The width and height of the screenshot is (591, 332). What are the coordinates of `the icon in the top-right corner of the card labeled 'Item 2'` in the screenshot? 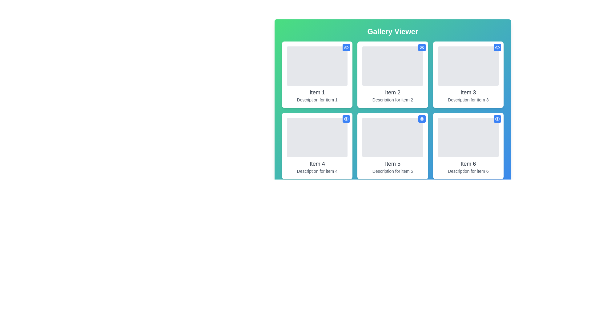 It's located at (421, 47).